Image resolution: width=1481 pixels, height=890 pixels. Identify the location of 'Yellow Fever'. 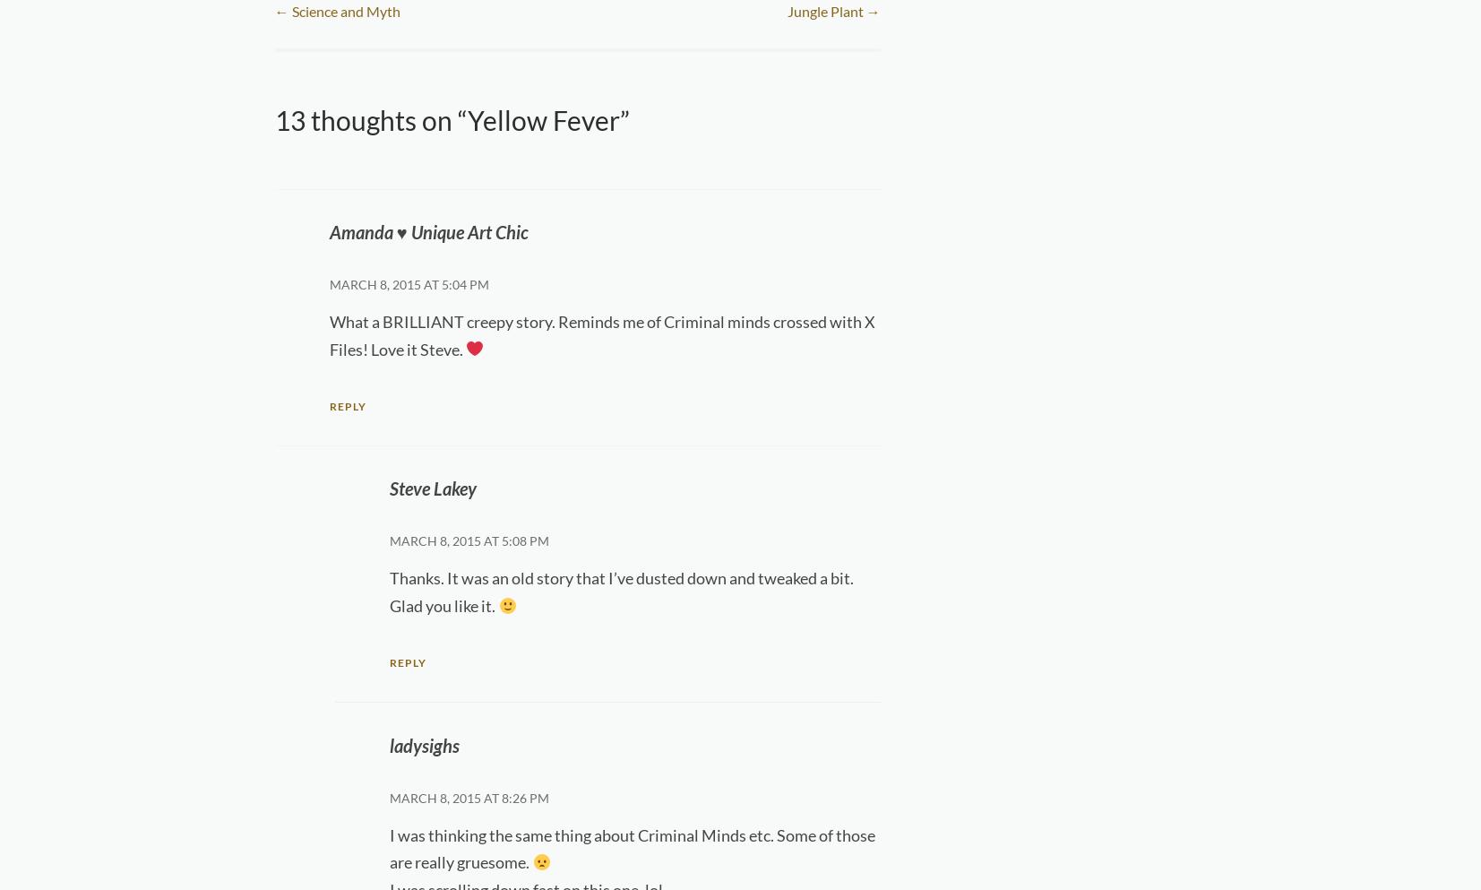
(541, 118).